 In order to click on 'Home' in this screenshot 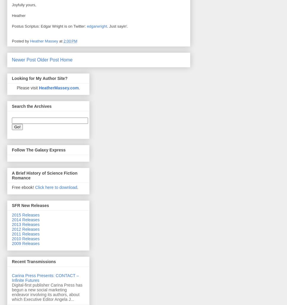, I will do `click(66, 59)`.